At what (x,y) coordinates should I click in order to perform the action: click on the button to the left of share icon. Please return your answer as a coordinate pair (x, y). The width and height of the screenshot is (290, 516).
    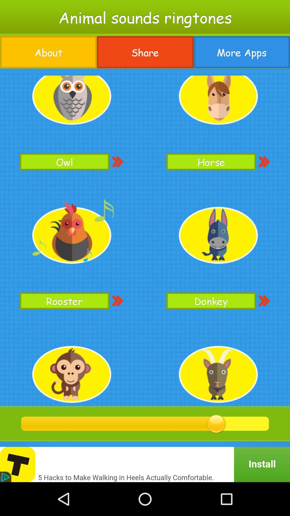
    Looking at the image, I should click on (48, 52).